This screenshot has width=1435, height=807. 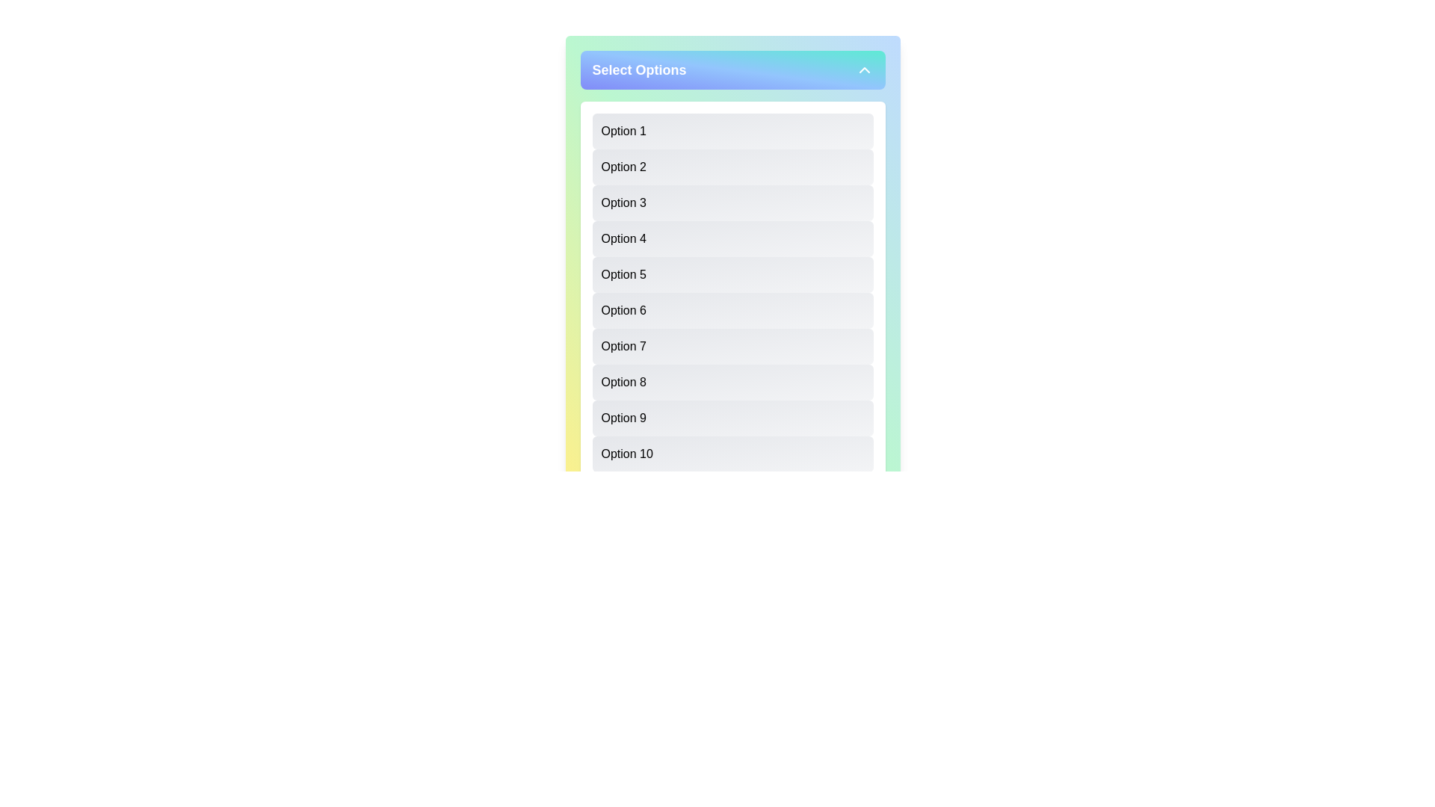 I want to click on the 'Option 3' text label in the dropdown interface, which is styled with a light gray background and is the third option in the list, so click(x=623, y=203).